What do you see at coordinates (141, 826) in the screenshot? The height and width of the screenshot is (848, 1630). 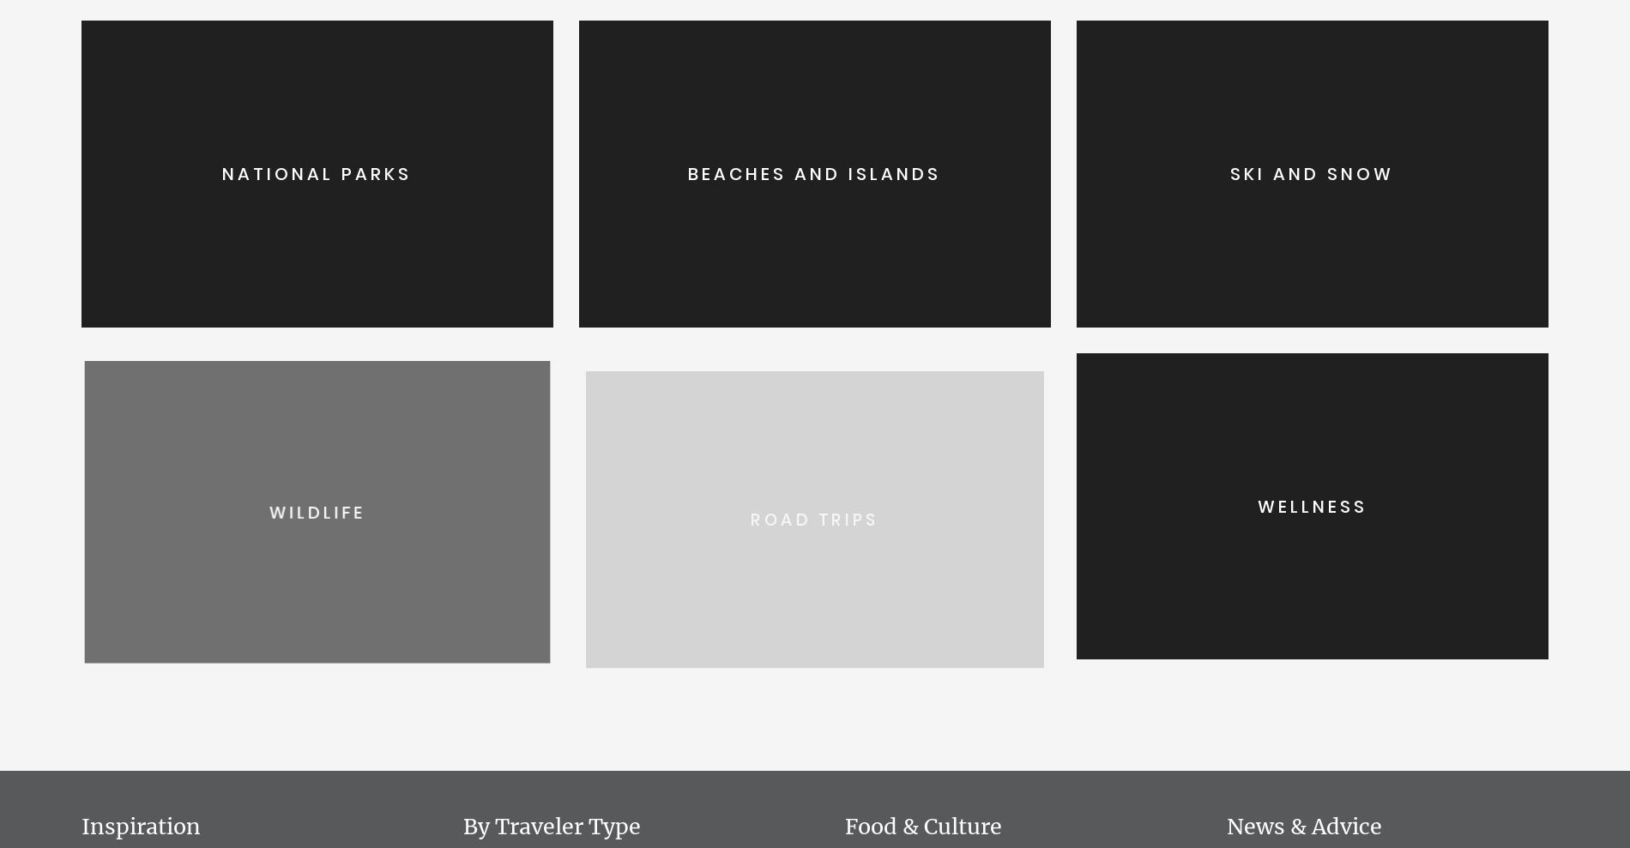 I see `'Inspiration'` at bounding box center [141, 826].